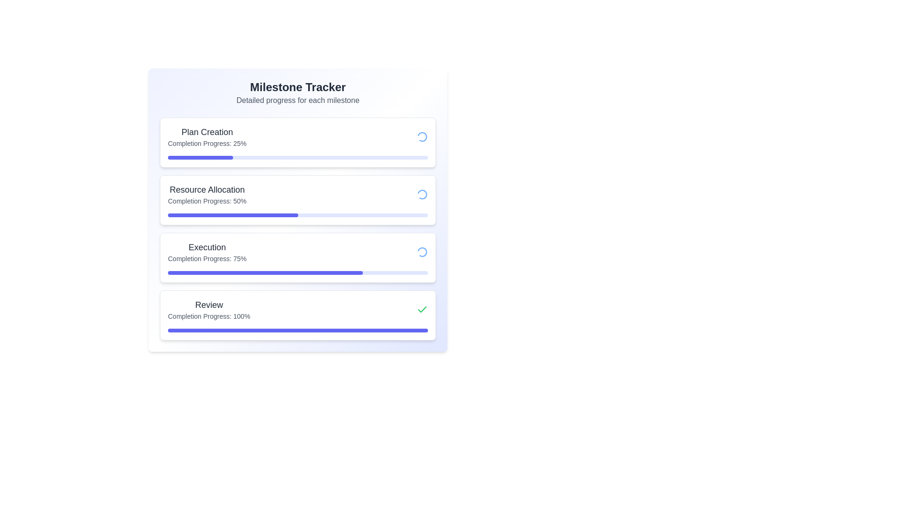 Image resolution: width=906 pixels, height=510 pixels. I want to click on the horizontal progress bar styled with a thin, rounded appearance, located below the text 'Completion Progress: 100%' in the 'Review' milestone section, so click(297, 330).